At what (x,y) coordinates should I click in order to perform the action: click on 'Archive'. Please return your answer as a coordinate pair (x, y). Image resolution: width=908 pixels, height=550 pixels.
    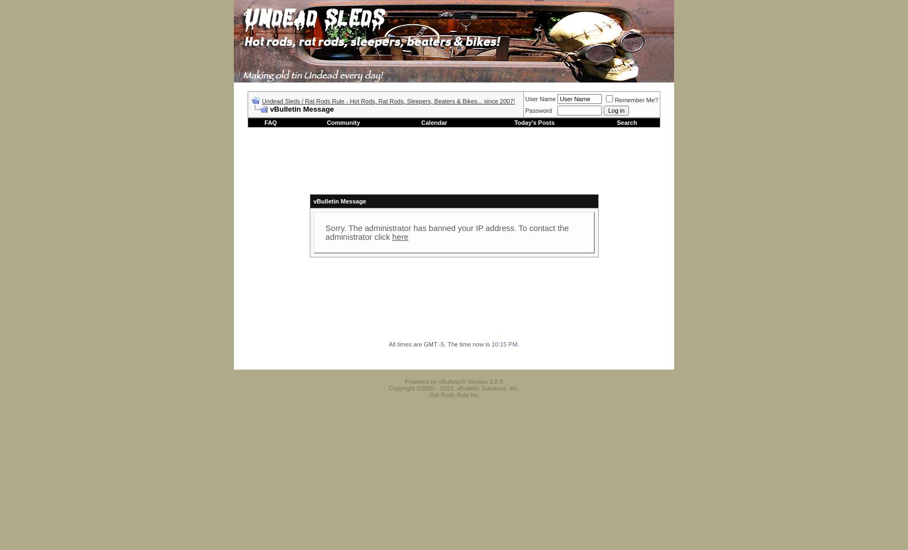
    Looking at the image, I should click on (643, 363).